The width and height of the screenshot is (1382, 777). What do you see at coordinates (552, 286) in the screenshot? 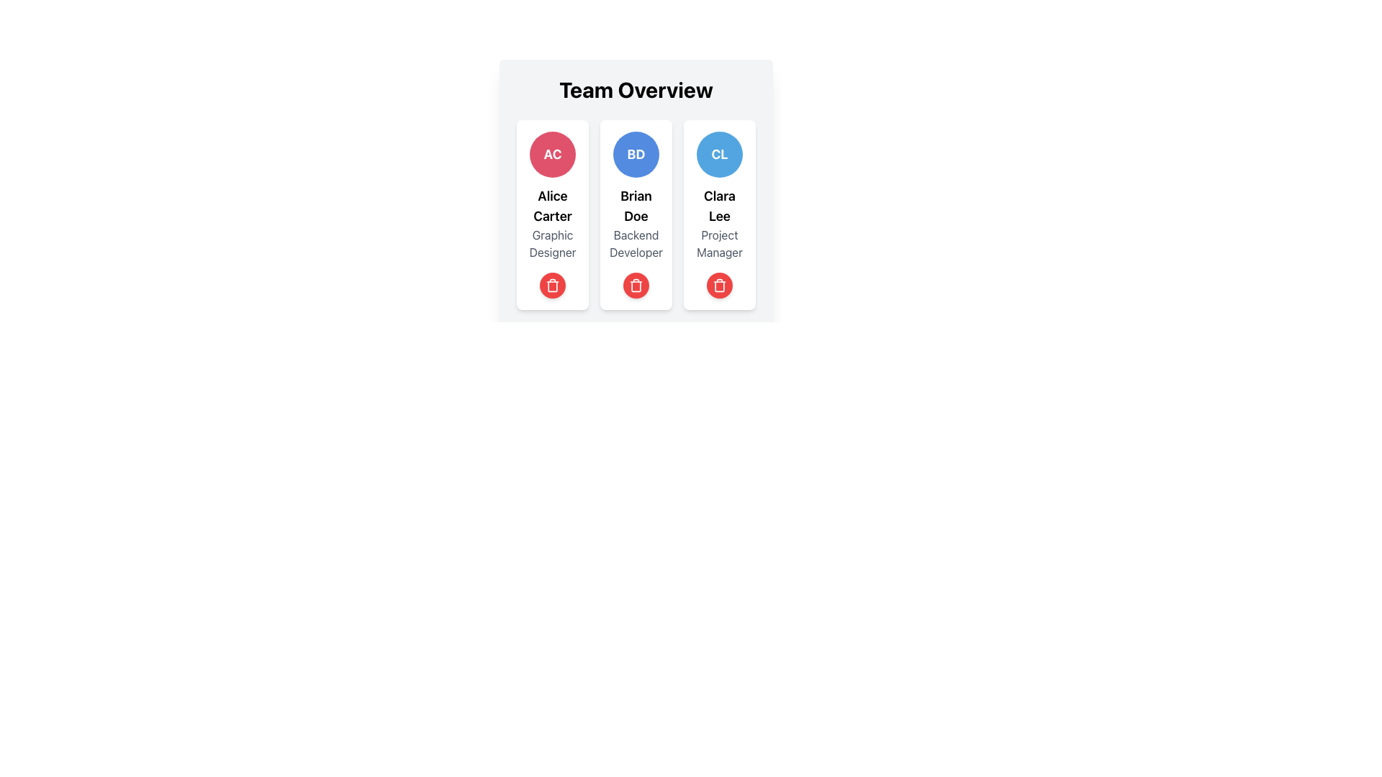
I see `the circular icon button with a red background and a white trash bin icon located at the bottom of Alice Carter's profile card` at bounding box center [552, 286].